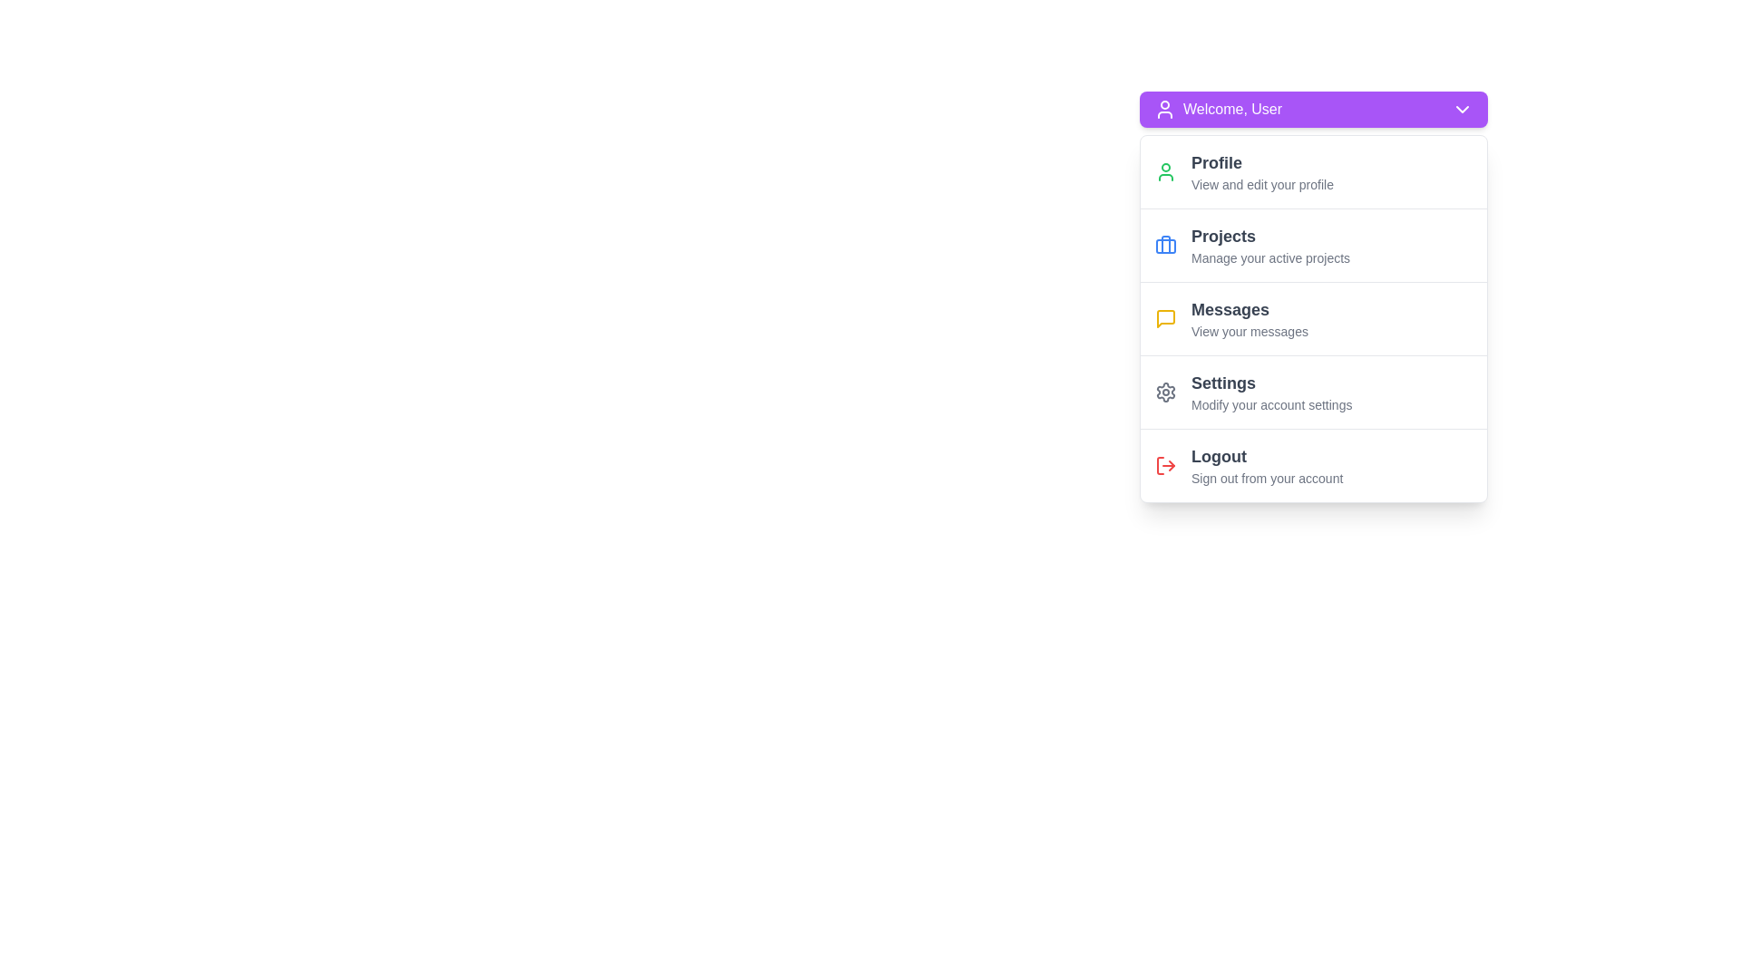 This screenshot has width=1741, height=979. Describe the element at coordinates (1249, 332) in the screenshot. I see `the text label 'View your messages' located below the 'Messages' title in the dropdown menu` at that location.